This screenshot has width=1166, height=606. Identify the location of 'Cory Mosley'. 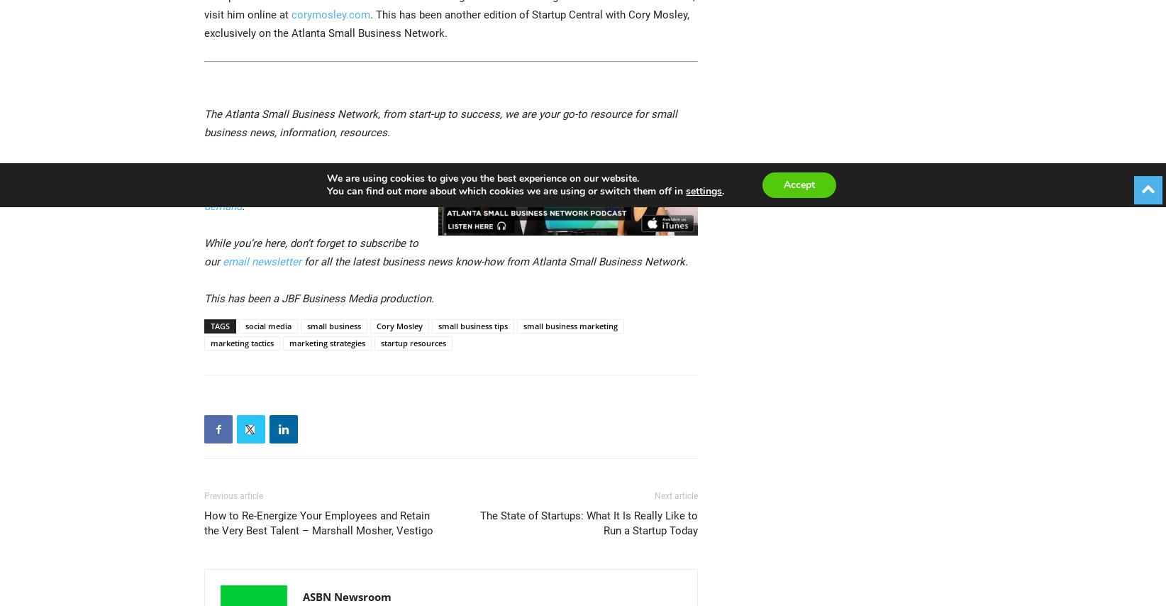
(399, 326).